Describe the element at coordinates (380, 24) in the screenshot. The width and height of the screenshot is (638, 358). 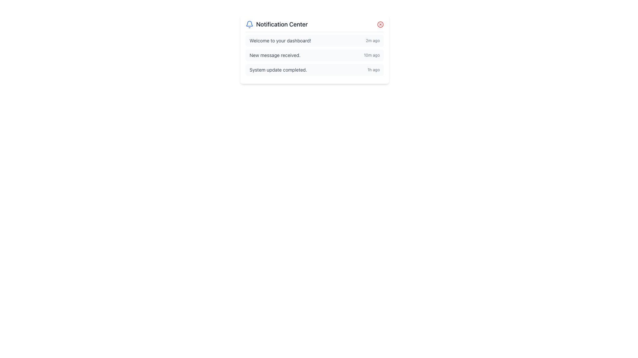
I see `the close button located at the top right corner of the notification panel` at that location.